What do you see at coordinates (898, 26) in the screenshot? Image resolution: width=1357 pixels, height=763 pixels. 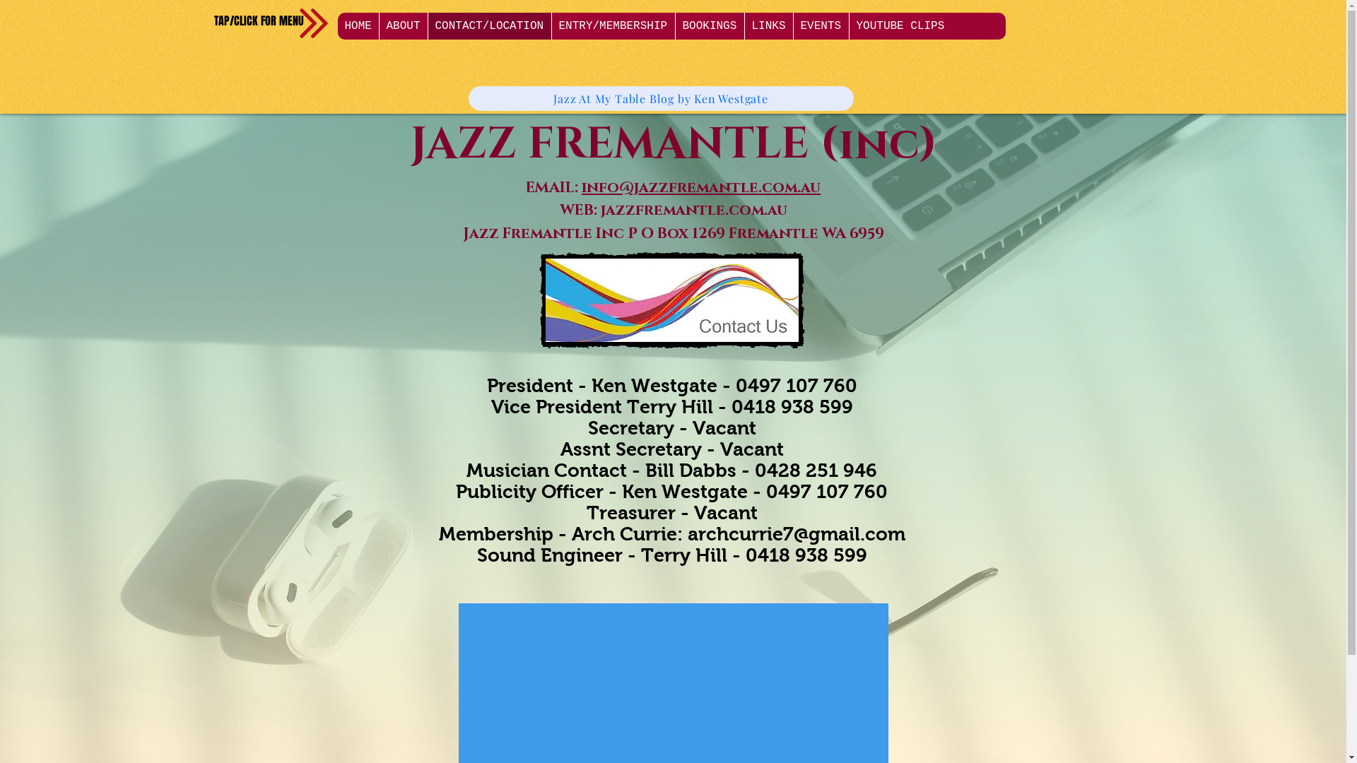 I see `'YOUTUBE CLIPS'` at bounding box center [898, 26].